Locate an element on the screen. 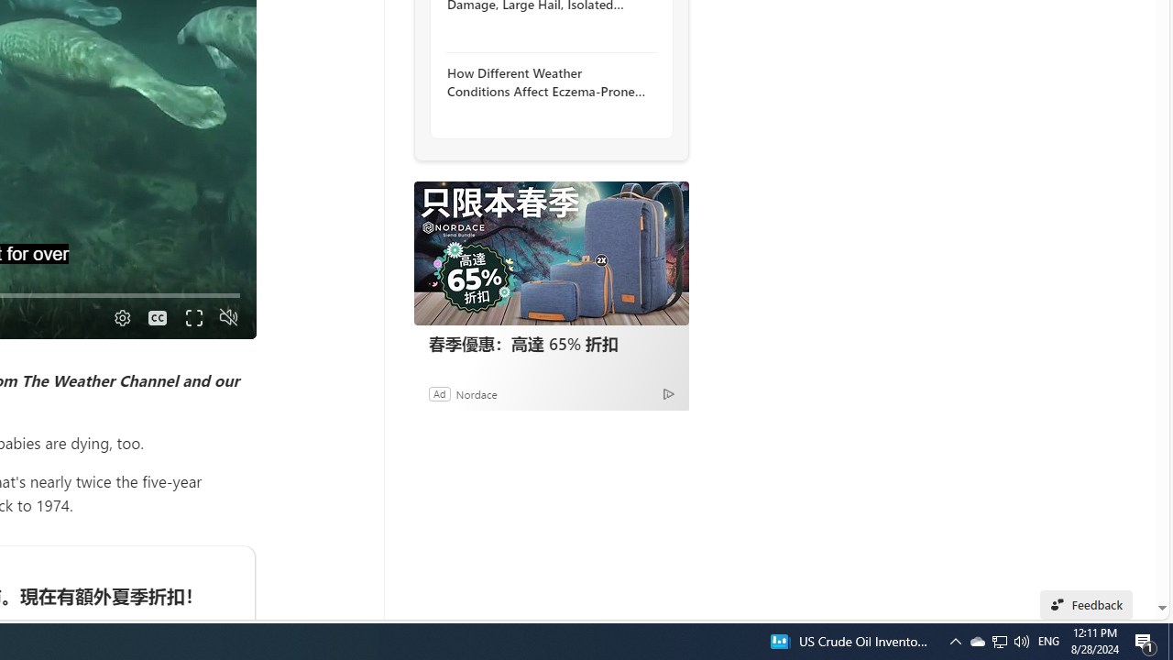 Image resolution: width=1173 pixels, height=660 pixels. 'Feedback' is located at coordinates (1086, 604).